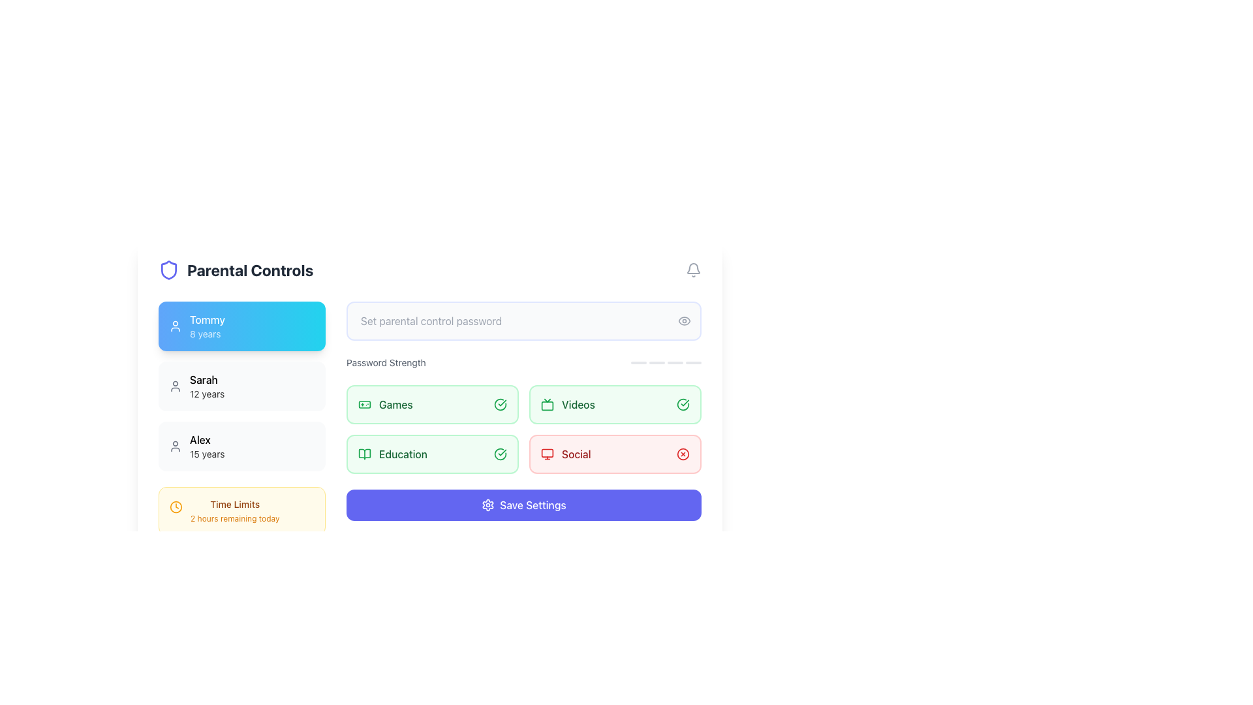 The width and height of the screenshot is (1253, 705). I want to click on the 'Save Settings' button with a cogwheel icon, which is located at the bottom center of the interface, so click(523, 505).